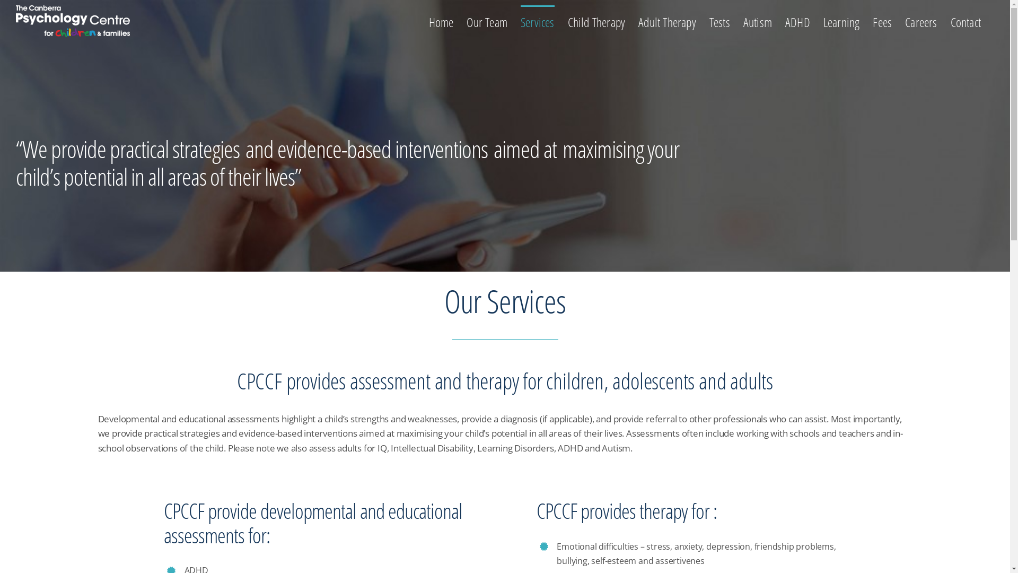 This screenshot has height=573, width=1018. What do you see at coordinates (920, 21) in the screenshot?
I see `'Careers'` at bounding box center [920, 21].